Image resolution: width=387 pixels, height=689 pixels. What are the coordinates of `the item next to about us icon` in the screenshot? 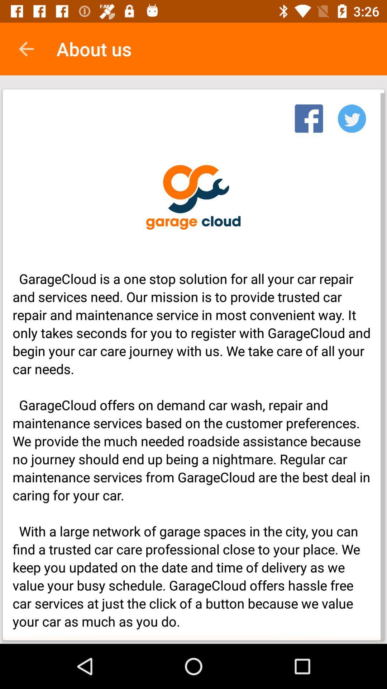 It's located at (26, 48).